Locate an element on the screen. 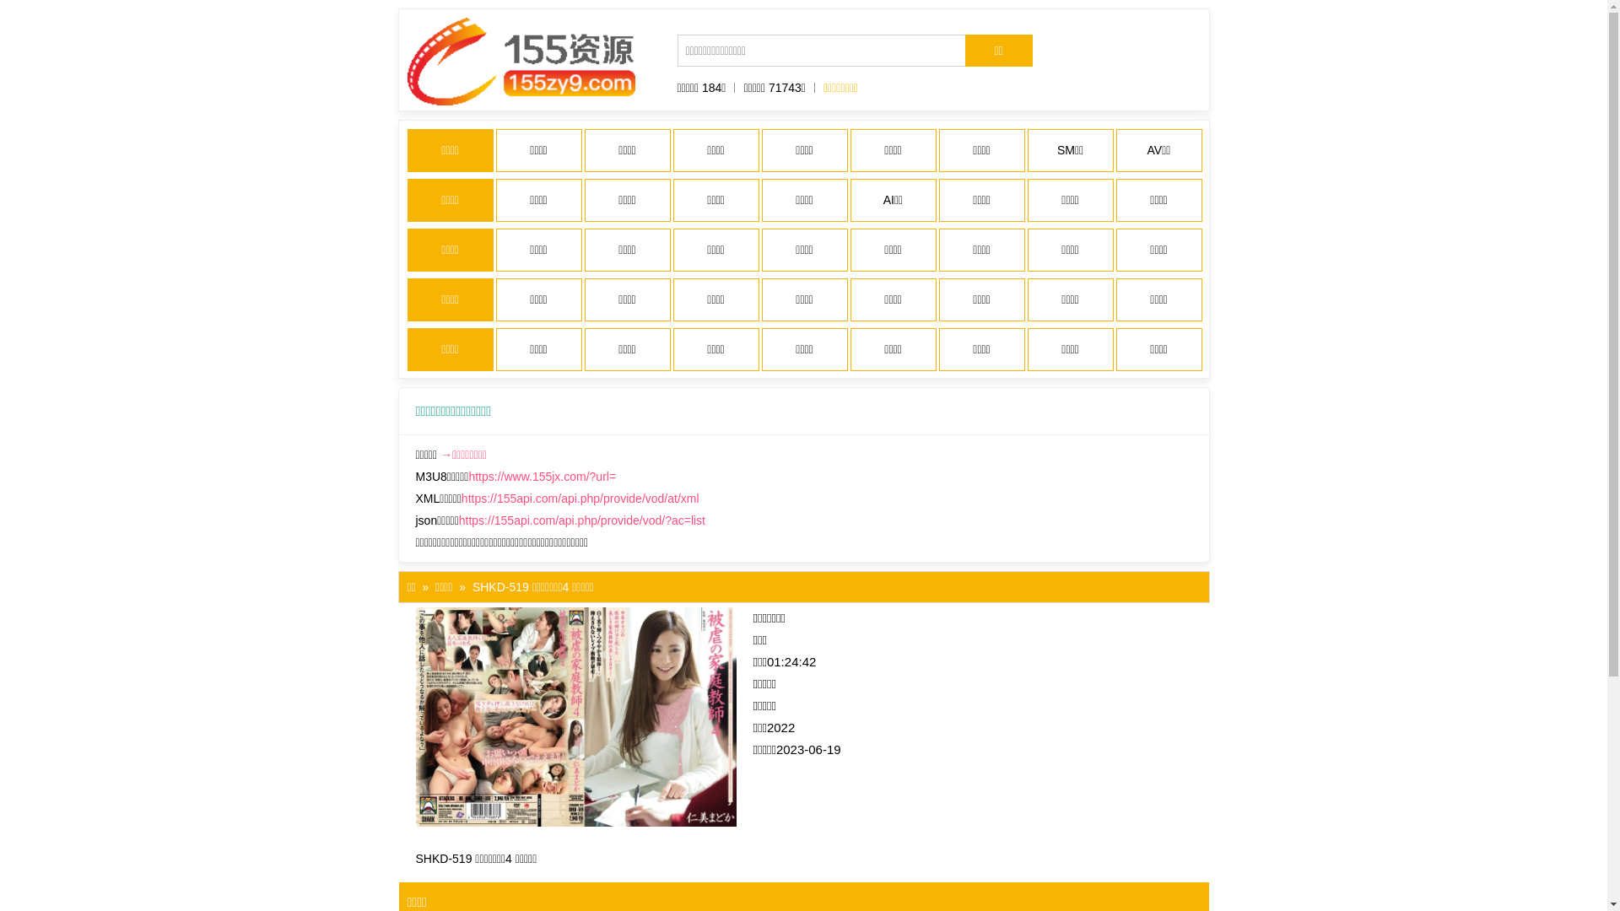  'https://www.155jx.com/?url=' is located at coordinates (542, 476).